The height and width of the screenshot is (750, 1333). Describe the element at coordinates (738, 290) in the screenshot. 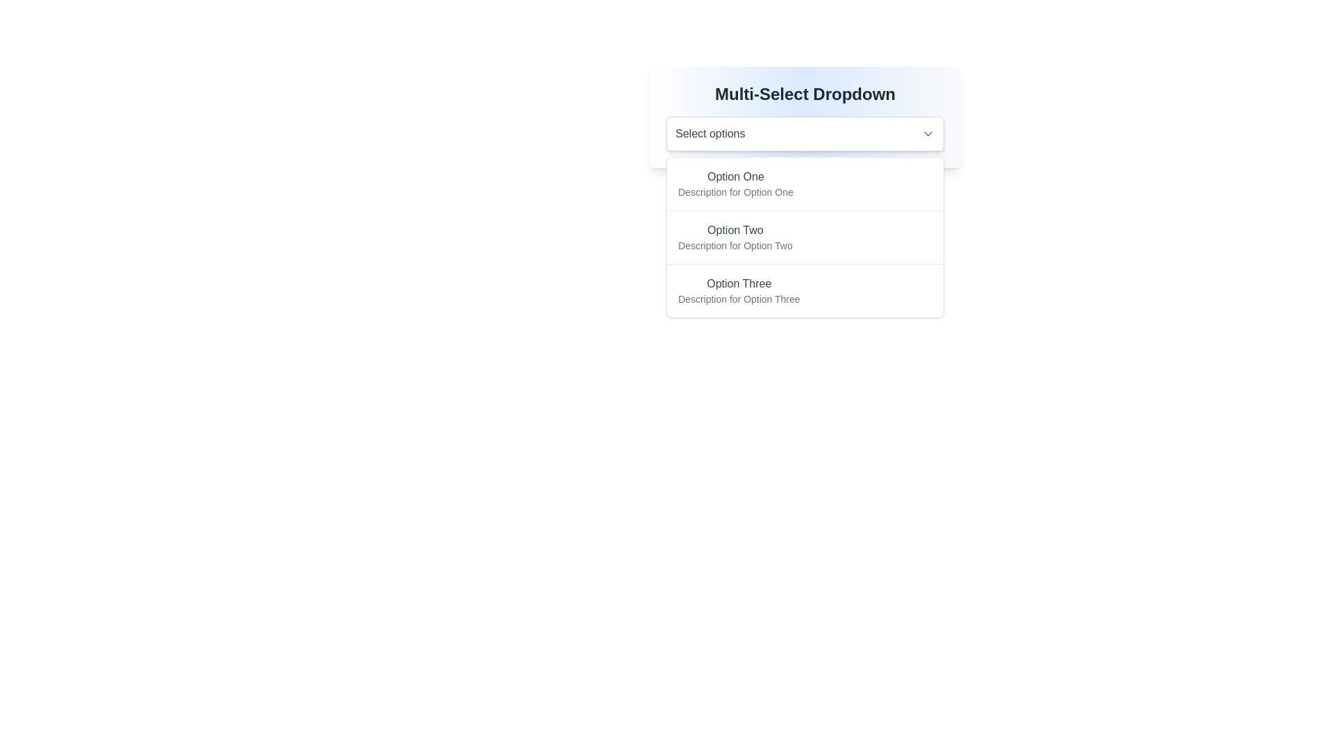

I see `the third option in the dropdown menu to activate it by clicking` at that location.